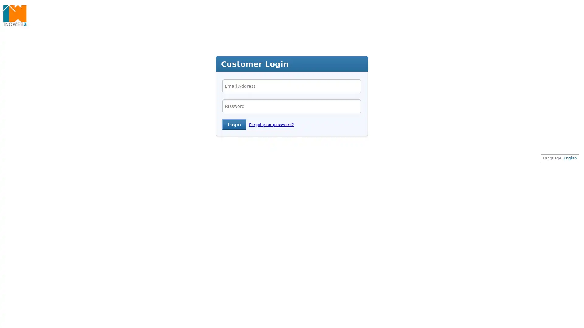 This screenshot has width=584, height=328. What do you see at coordinates (234, 124) in the screenshot?
I see `Login` at bounding box center [234, 124].